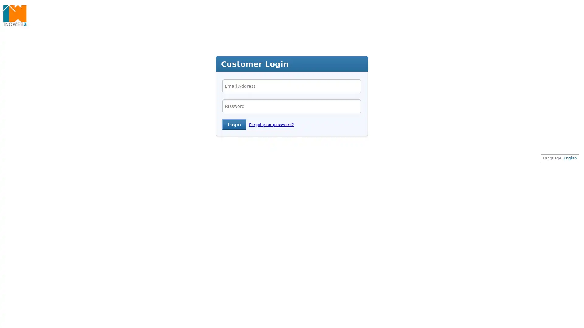 This screenshot has width=584, height=328. What do you see at coordinates (234, 124) in the screenshot?
I see `Login` at bounding box center [234, 124].